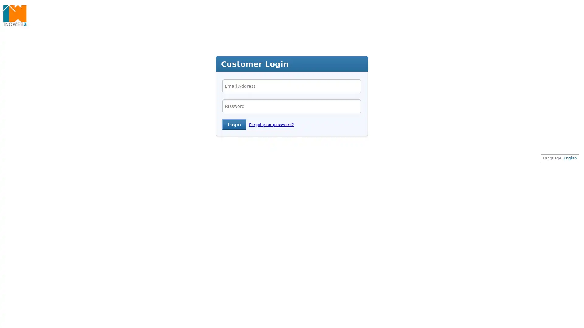 This screenshot has width=584, height=328. What do you see at coordinates (234, 124) in the screenshot?
I see `Login` at bounding box center [234, 124].